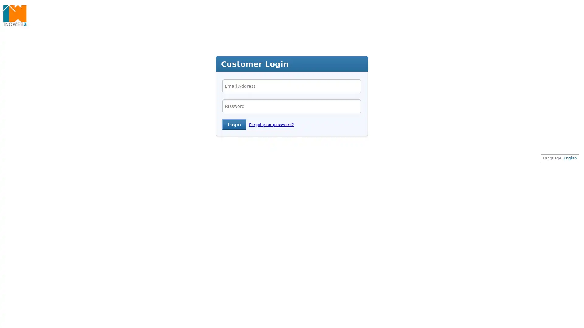 This screenshot has width=584, height=328. What do you see at coordinates (234, 124) in the screenshot?
I see `Login` at bounding box center [234, 124].